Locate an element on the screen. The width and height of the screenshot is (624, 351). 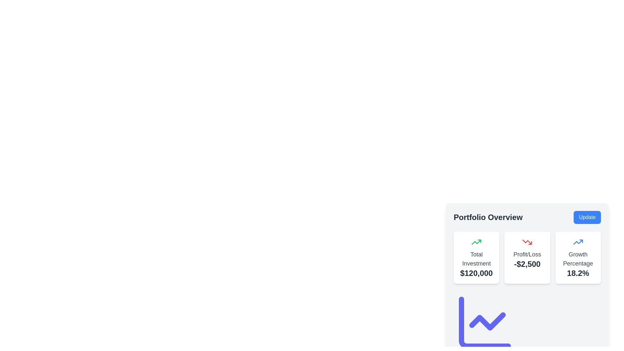
displayed information from the Informational Widget located centrally towards the bottom-right of the interface, which provides an overview of portfolio investments and includes an 'Update' button is located at coordinates (527, 266).